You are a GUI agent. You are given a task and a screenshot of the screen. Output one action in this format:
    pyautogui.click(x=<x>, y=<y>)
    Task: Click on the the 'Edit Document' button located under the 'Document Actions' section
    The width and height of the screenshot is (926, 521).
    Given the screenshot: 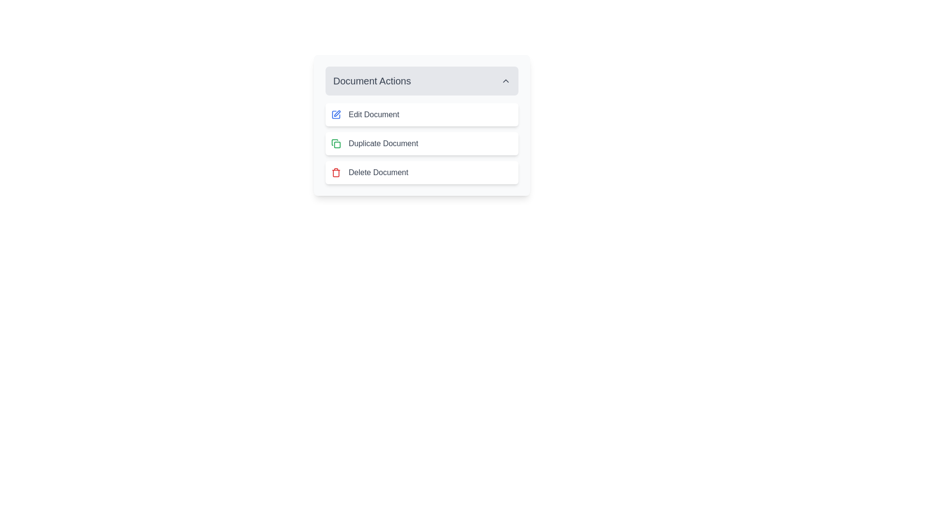 What is the action you would take?
    pyautogui.click(x=422, y=114)
    